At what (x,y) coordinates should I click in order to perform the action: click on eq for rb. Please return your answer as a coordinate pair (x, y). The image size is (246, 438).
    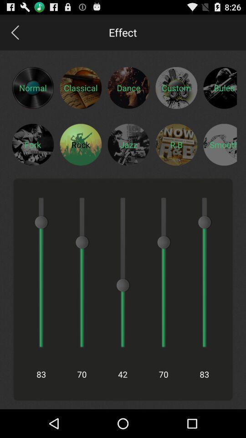
    Looking at the image, I should click on (176, 144).